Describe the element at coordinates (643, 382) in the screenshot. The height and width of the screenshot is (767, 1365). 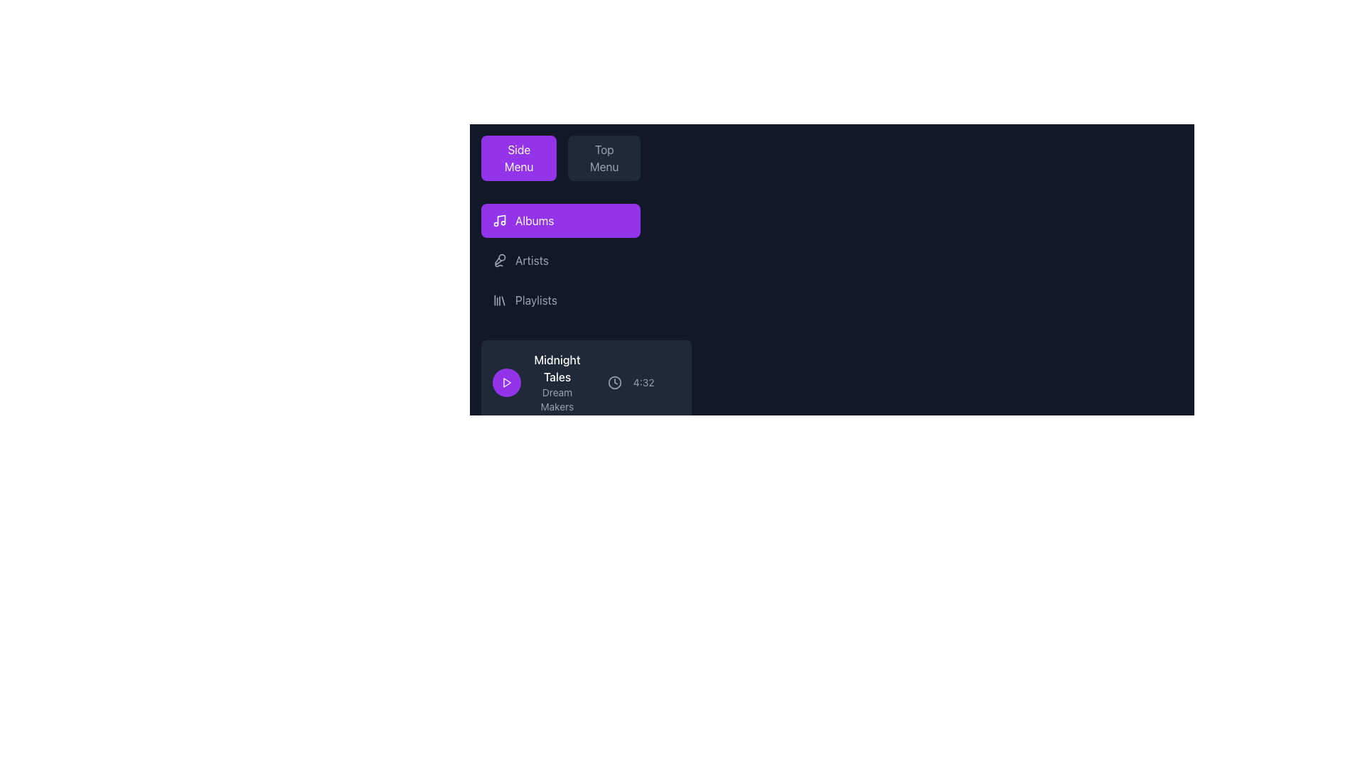
I see `the duration displayed in gray text, formatted as '4:32', located to the right of a clock icon within the media details box` at that location.